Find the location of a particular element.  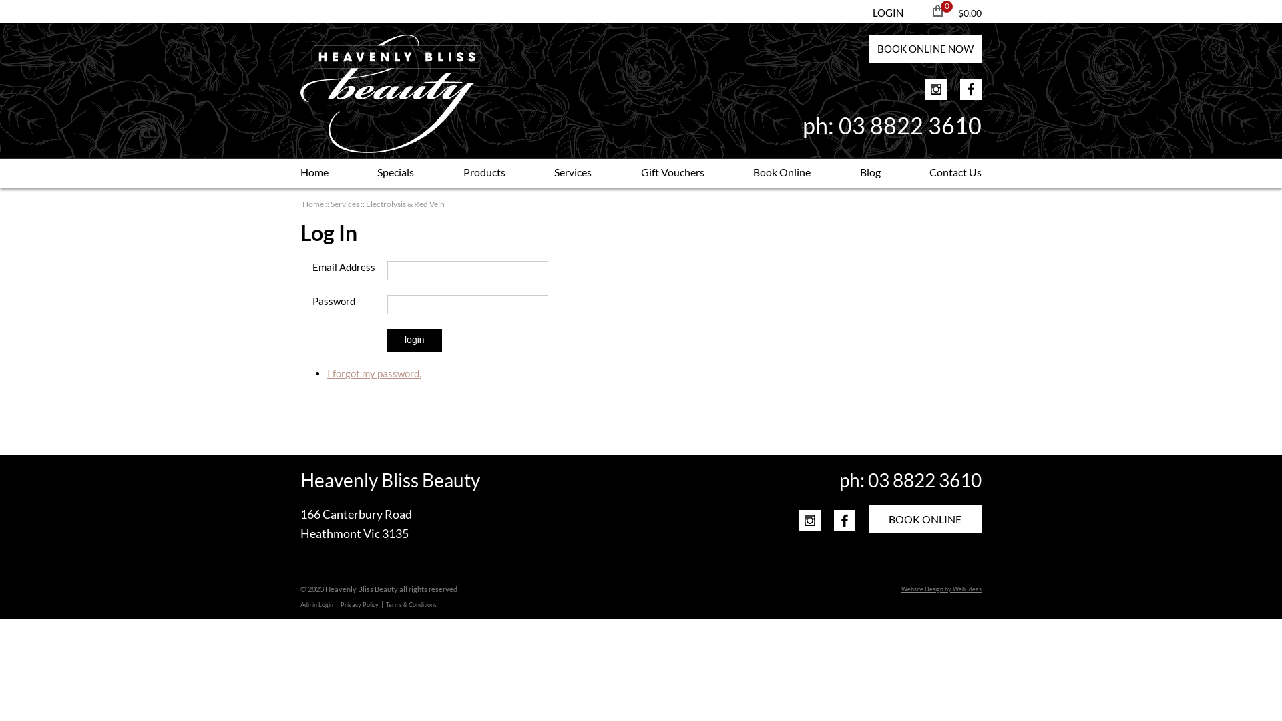

'$0.00' is located at coordinates (970, 13).